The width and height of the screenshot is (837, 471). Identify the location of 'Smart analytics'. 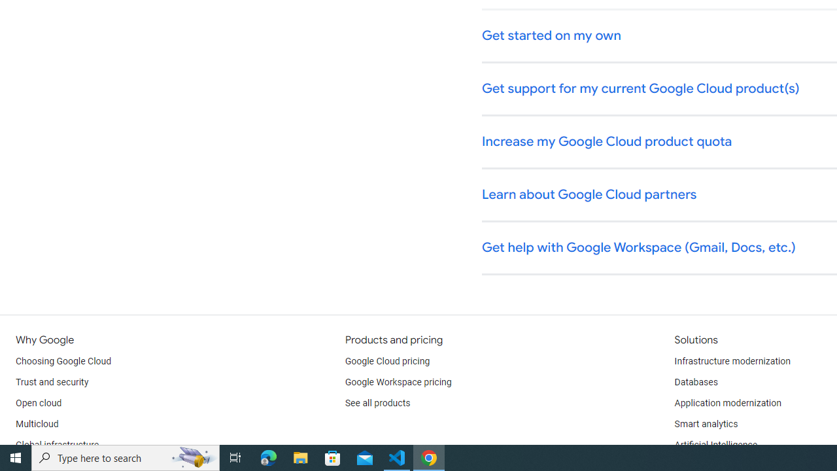
(705, 425).